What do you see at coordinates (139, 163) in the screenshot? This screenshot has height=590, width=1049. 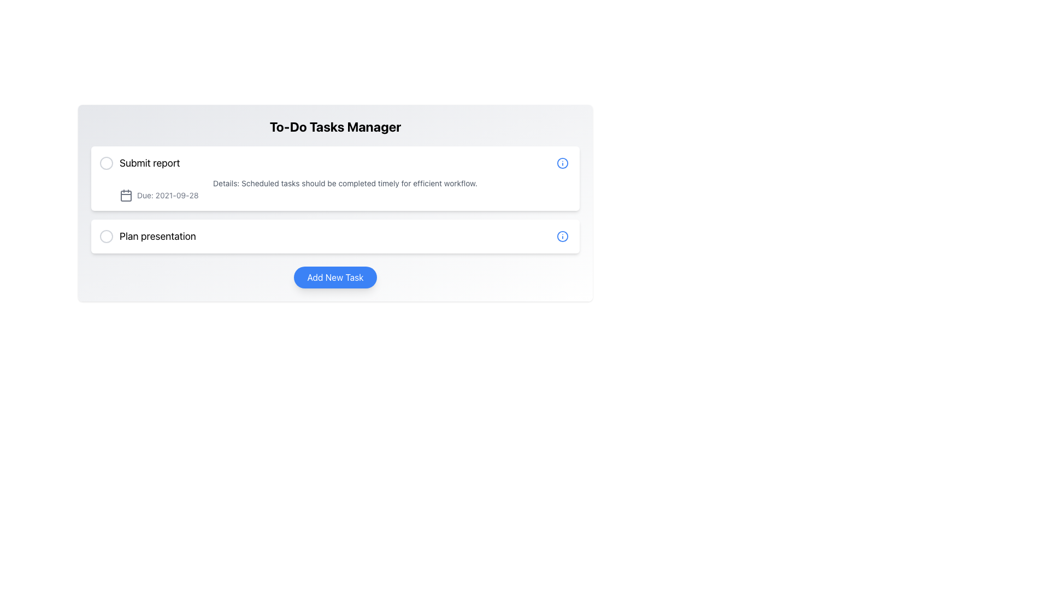 I see `the checkbox of the 'Submit report' task to mark it as completed` at bounding box center [139, 163].